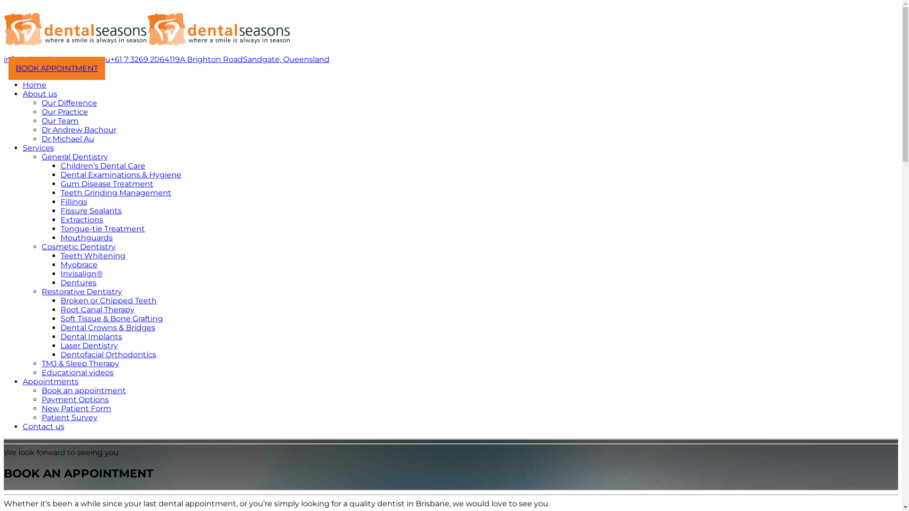  What do you see at coordinates (111, 318) in the screenshot?
I see `'Soft Tissue & Bone Grafting'` at bounding box center [111, 318].